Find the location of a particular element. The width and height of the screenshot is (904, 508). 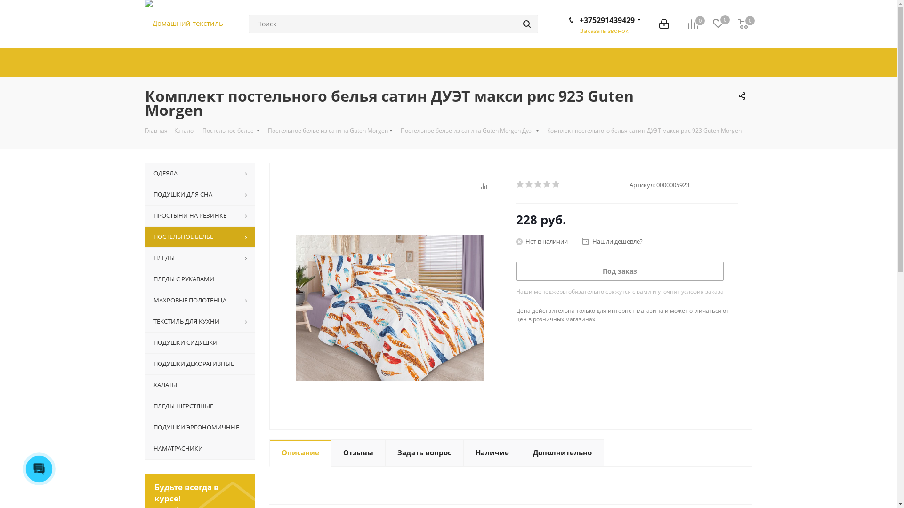

'4' is located at coordinates (547, 184).